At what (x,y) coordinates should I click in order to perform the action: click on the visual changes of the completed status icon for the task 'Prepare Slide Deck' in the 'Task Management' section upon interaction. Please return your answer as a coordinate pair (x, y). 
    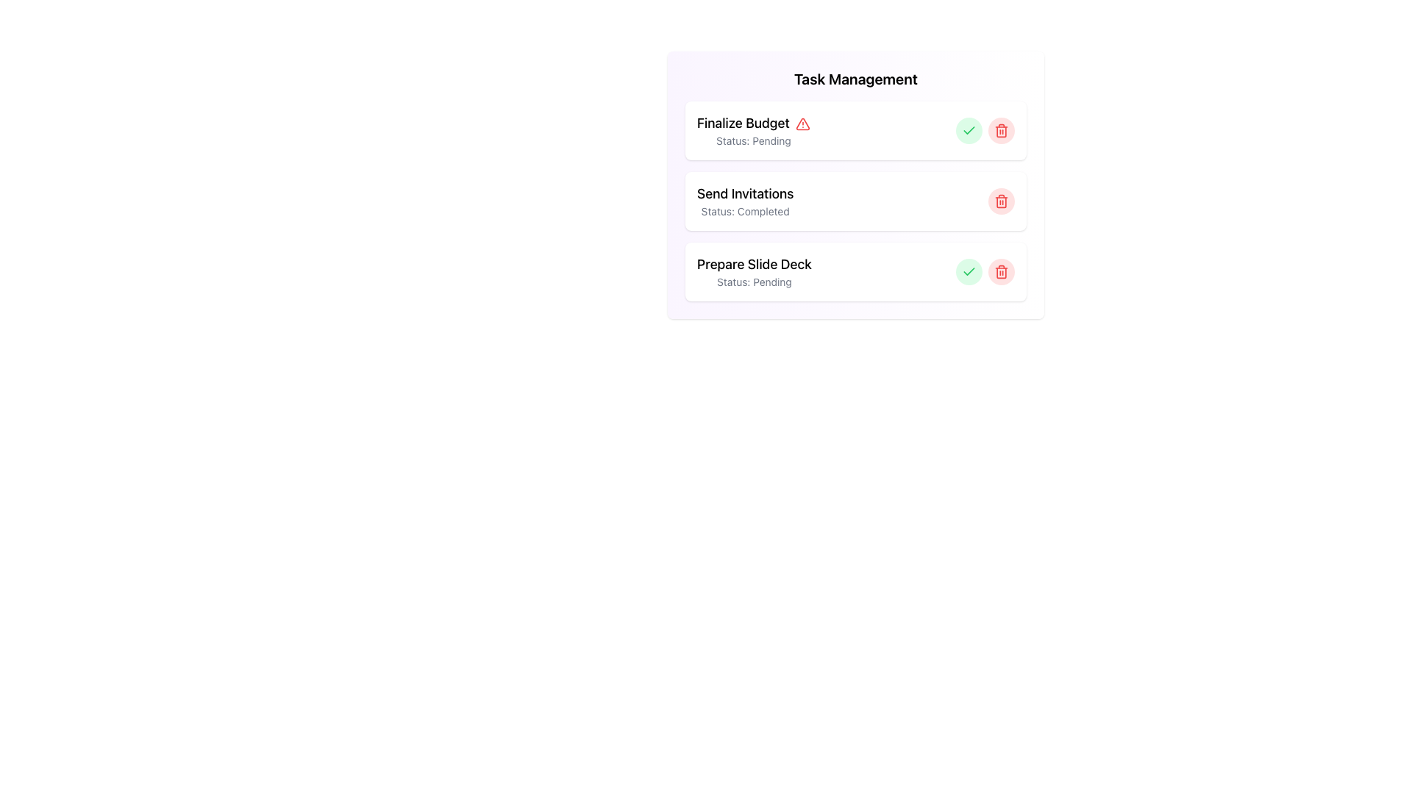
    Looking at the image, I should click on (969, 129).